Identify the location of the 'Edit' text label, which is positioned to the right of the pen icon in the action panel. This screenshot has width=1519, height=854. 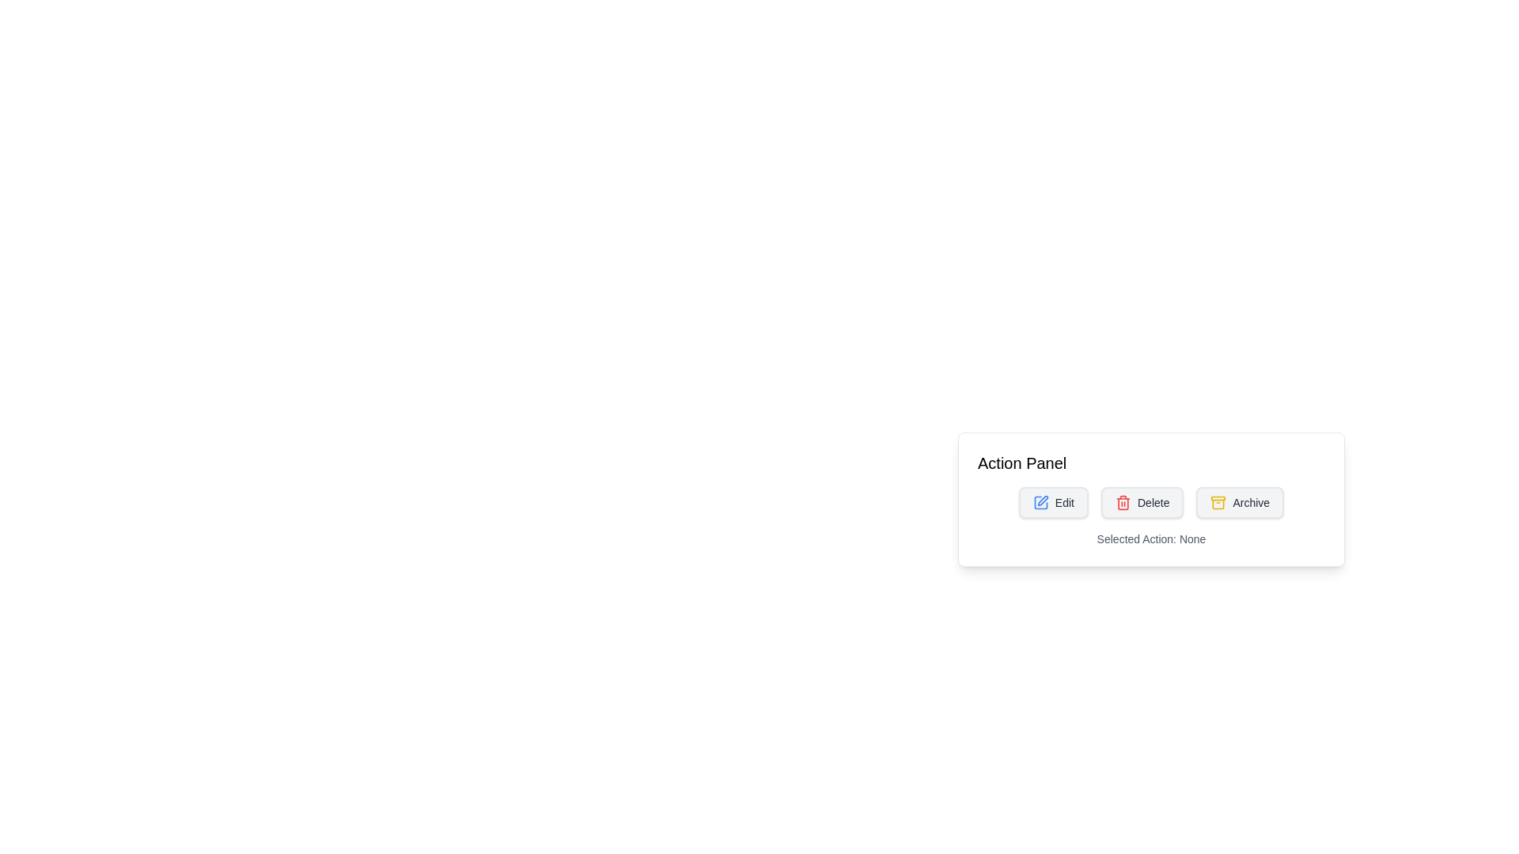
(1064, 503).